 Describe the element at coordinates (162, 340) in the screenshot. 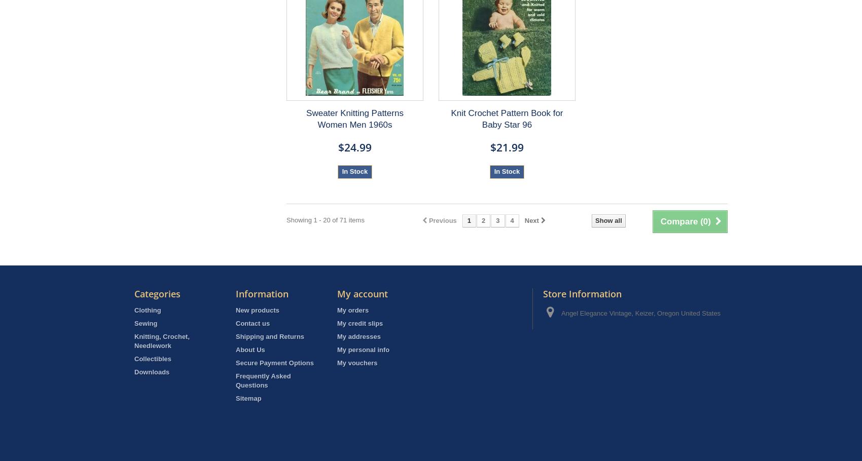

I see `'Knitting, Crochet, Needlework'` at that location.